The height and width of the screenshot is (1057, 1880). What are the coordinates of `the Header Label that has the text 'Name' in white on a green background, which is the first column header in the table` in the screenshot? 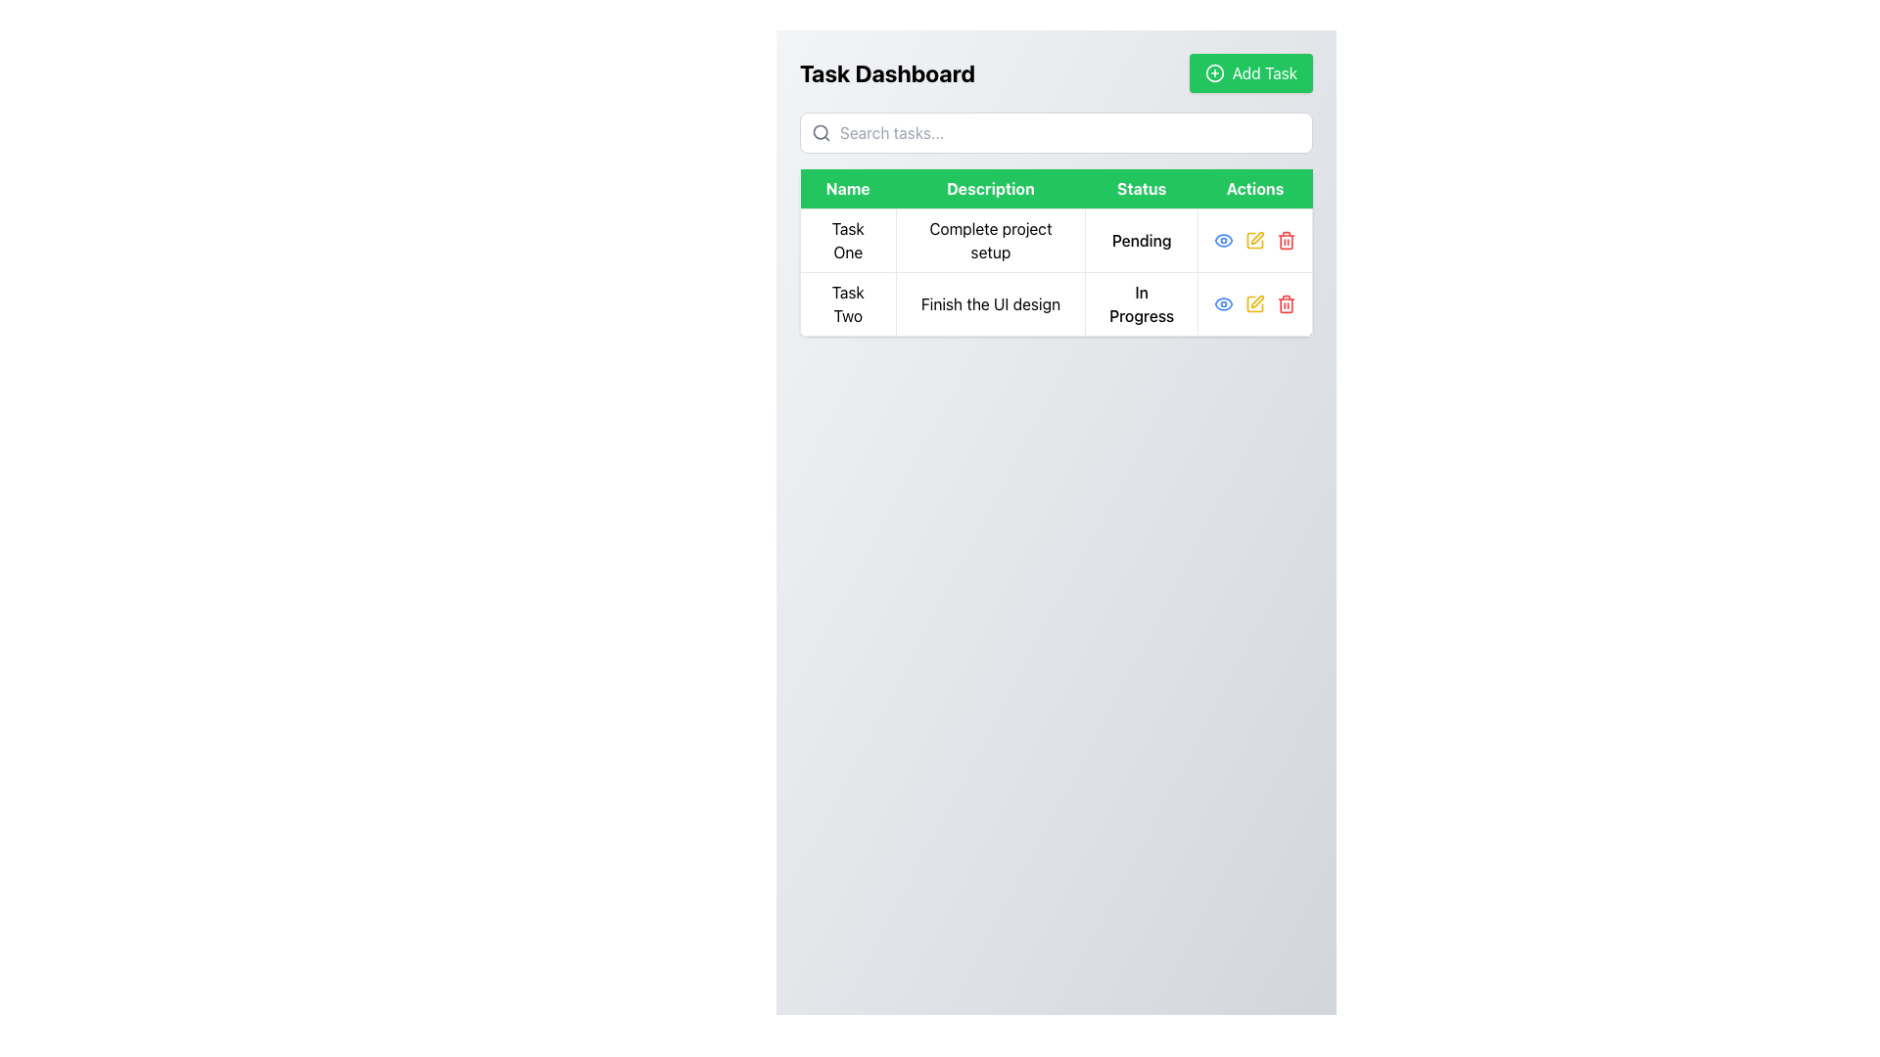 It's located at (848, 189).